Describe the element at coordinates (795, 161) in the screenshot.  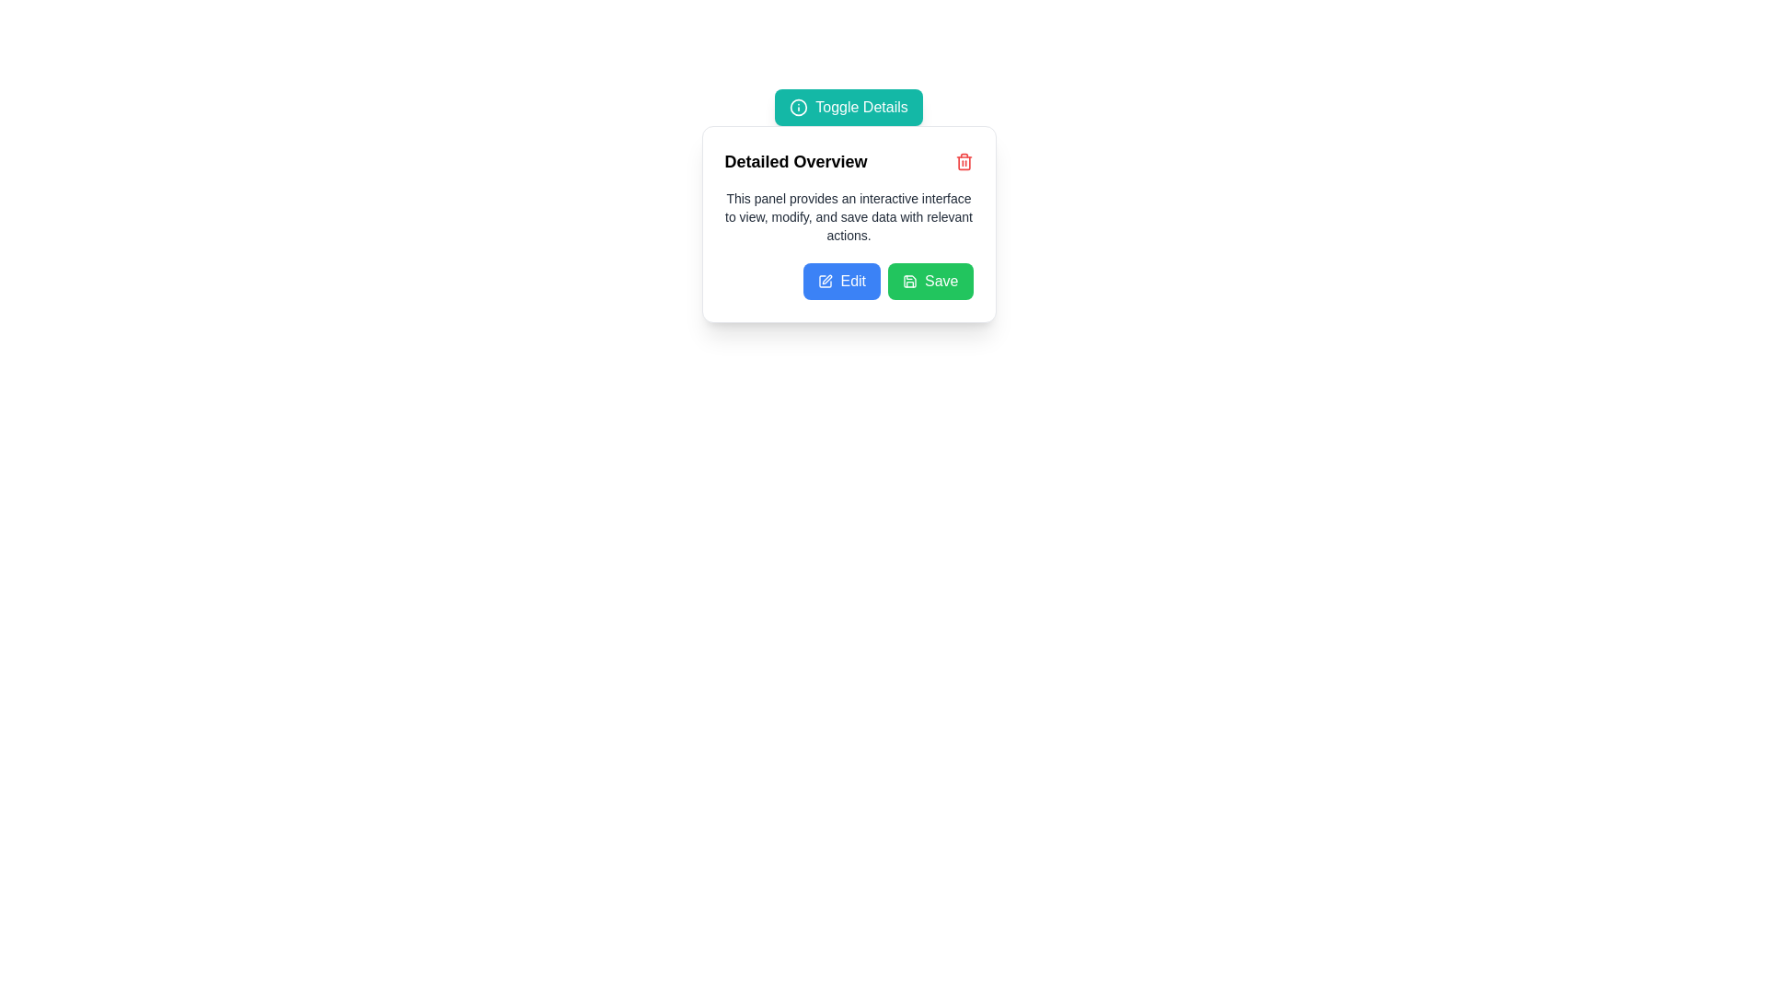
I see `the Text label that serves as the title or header for the modal, positioned centrally above the content area` at that location.